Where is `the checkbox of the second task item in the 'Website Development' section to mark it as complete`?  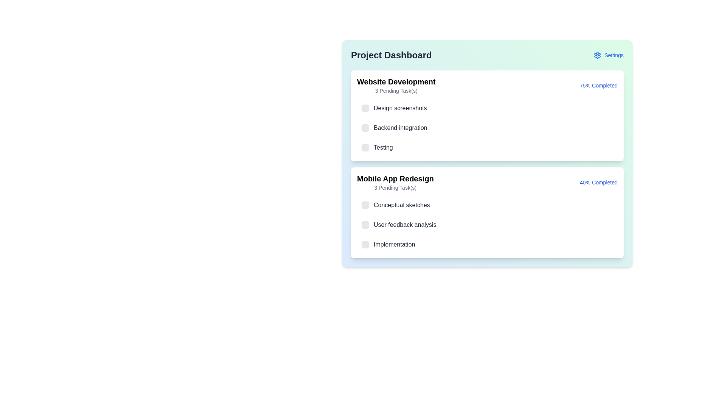 the checkbox of the second task item in the 'Website Development' section to mark it as complete is located at coordinates (487, 128).